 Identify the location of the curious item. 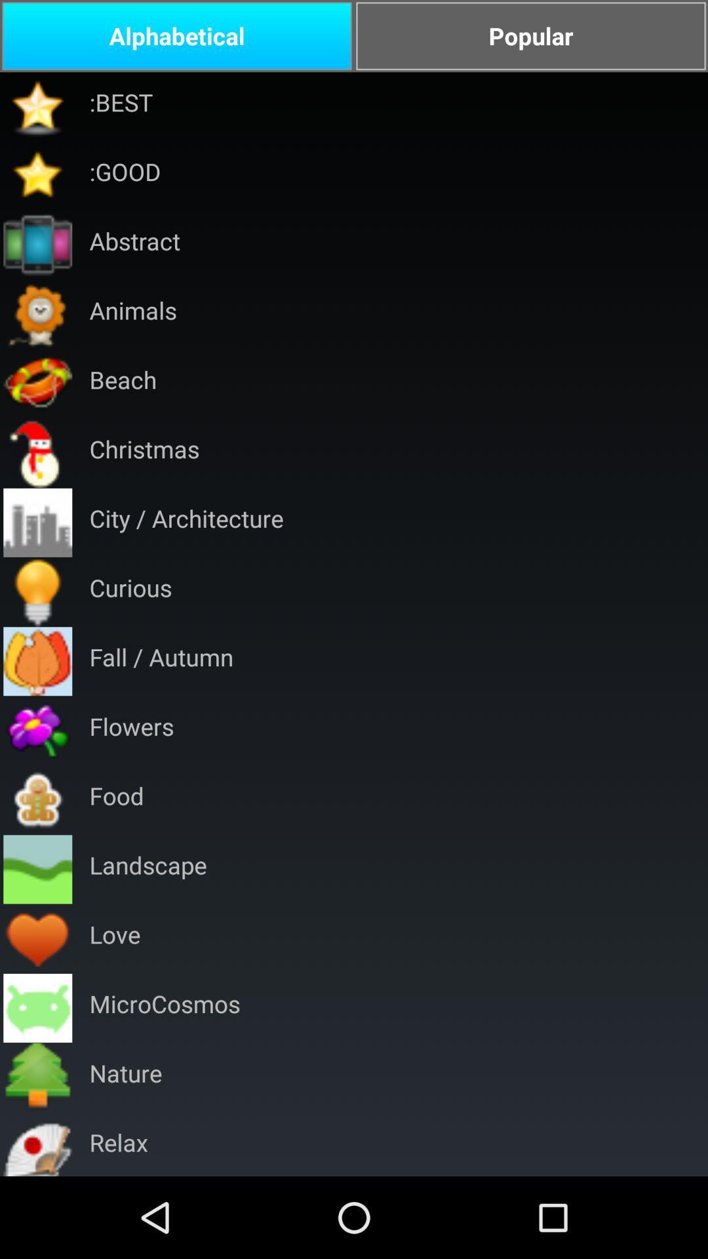
(130, 591).